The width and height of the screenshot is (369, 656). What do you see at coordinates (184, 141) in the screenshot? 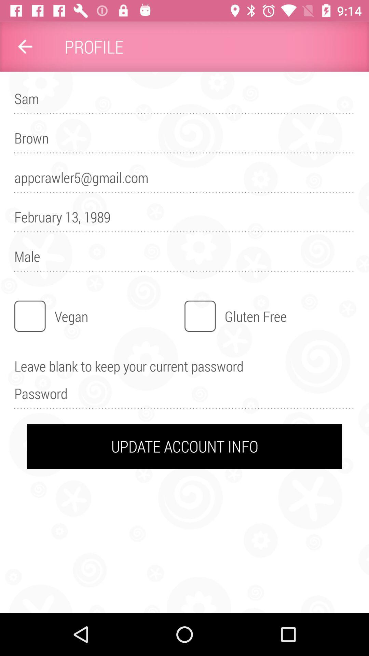
I see `icon above the appcrawler5@gmail.com item` at bounding box center [184, 141].